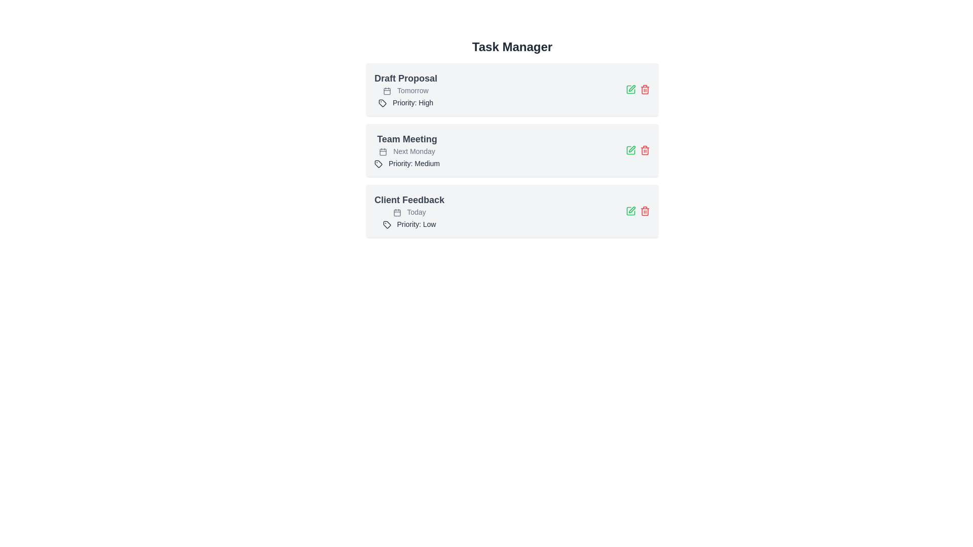 This screenshot has width=973, height=547. Describe the element at coordinates (512, 47) in the screenshot. I see `bold header text 'Task Manager' located at the top center of the page, which serves as the title for the interface` at that location.